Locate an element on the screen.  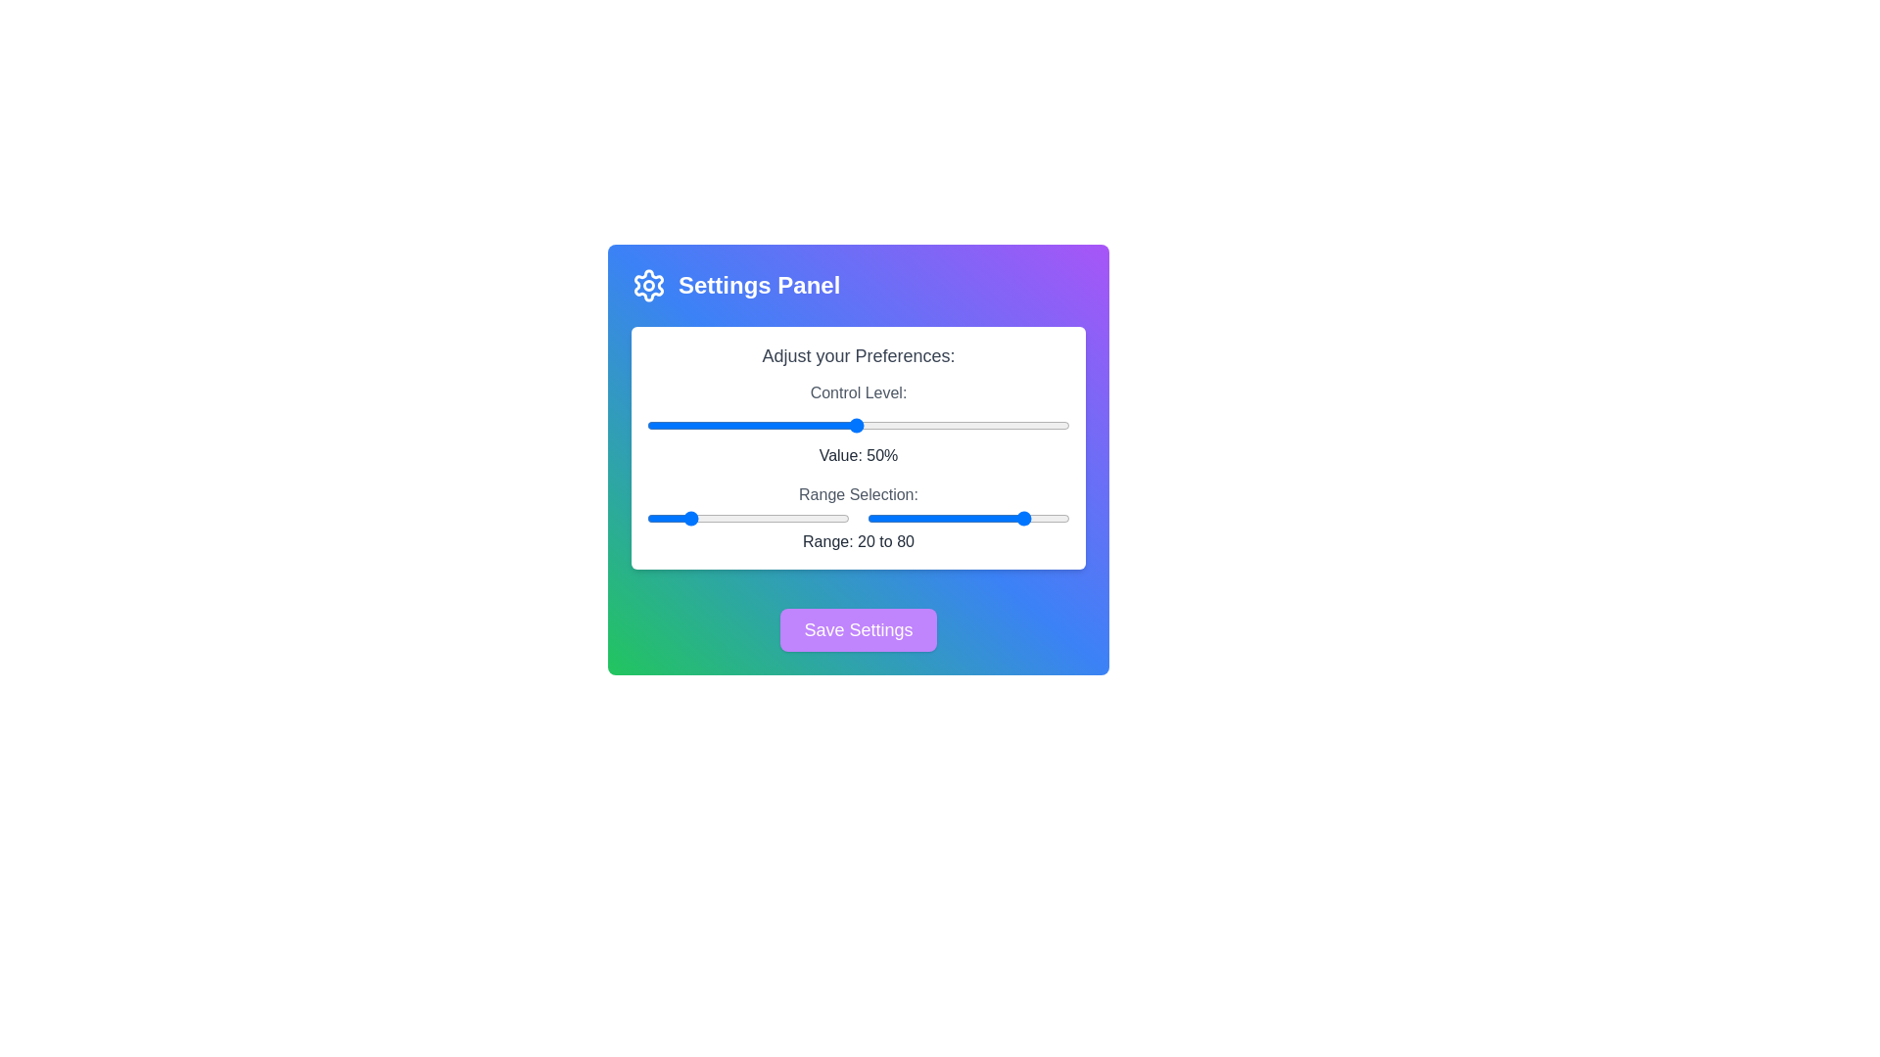
the slider is located at coordinates (967, 517).